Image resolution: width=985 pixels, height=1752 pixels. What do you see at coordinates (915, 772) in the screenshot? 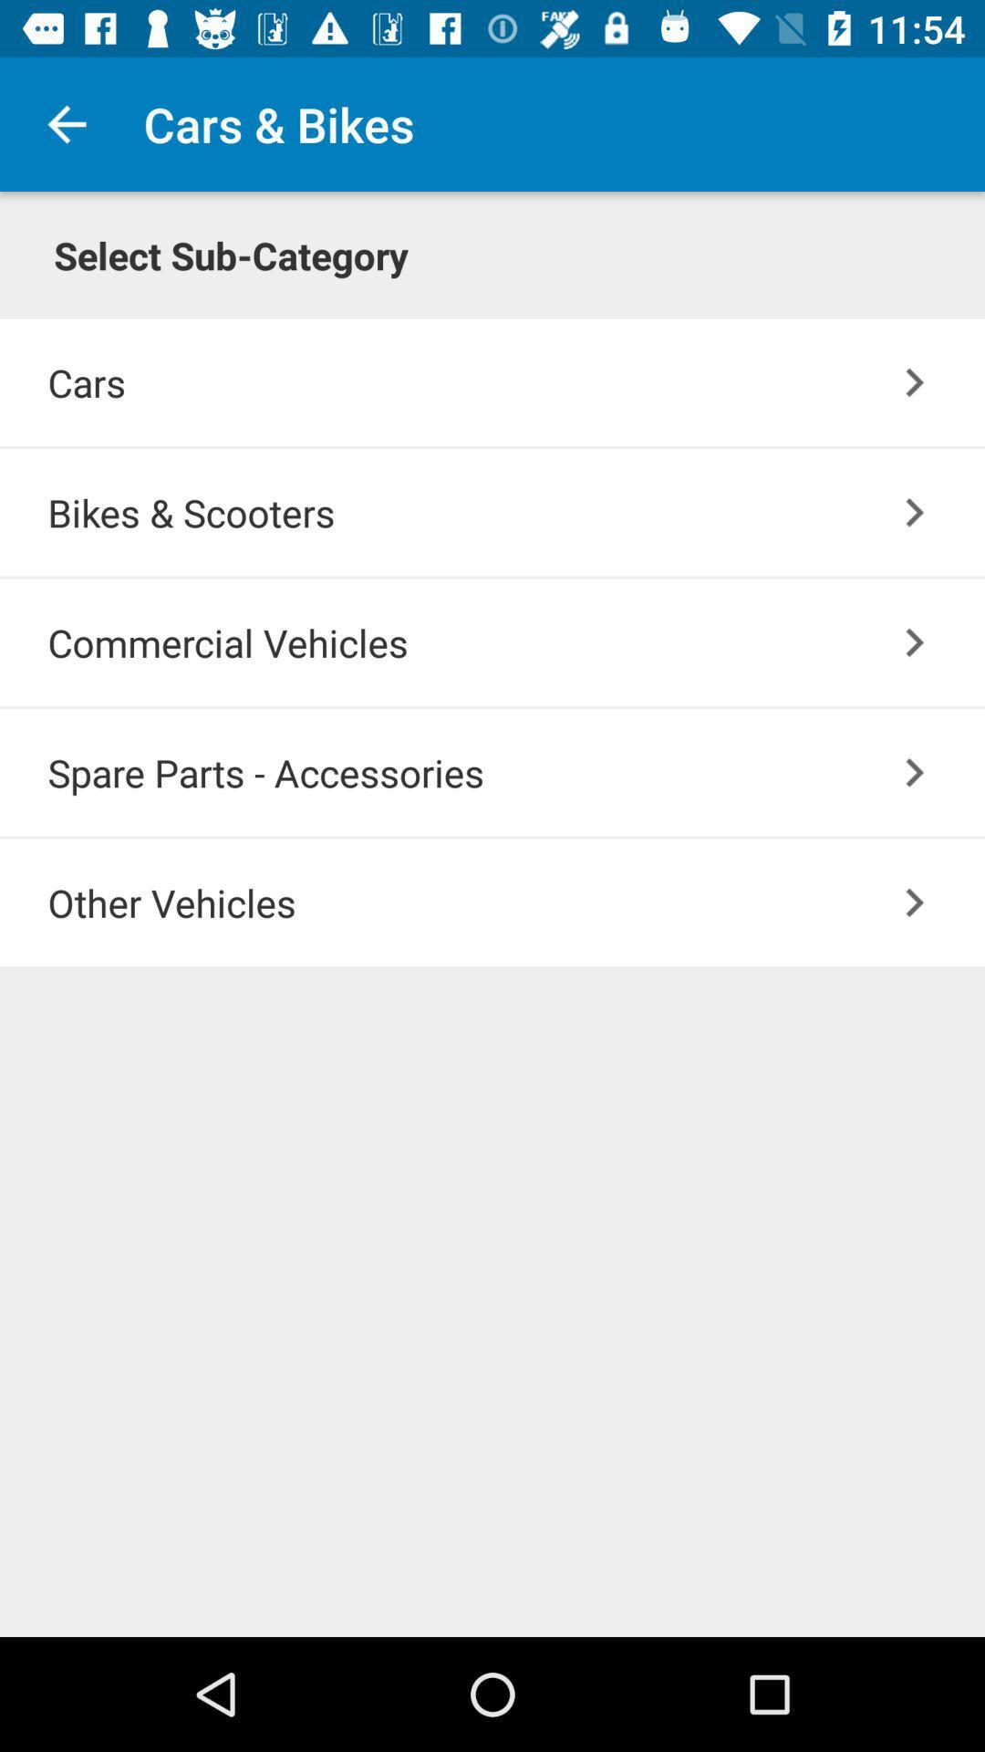
I see `item above the other vehicles icon` at bounding box center [915, 772].